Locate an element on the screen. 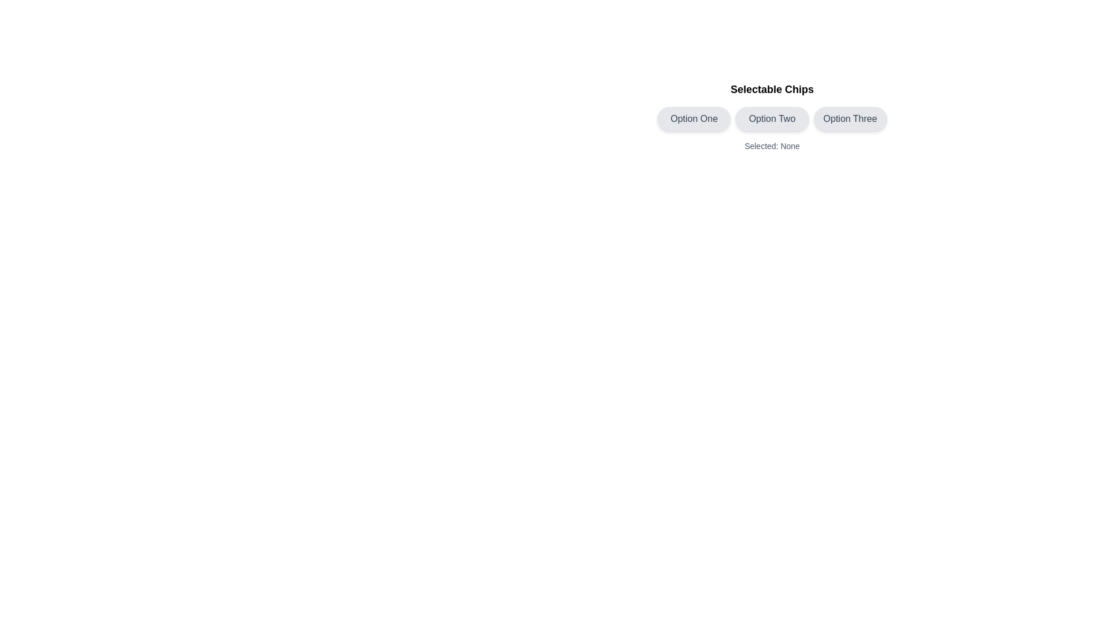  the Text Label that indicates the current selection state, showing 'Selected: None' initially, located beneath the options 'Option One,' 'Option Two,' and 'Option Three.' is located at coordinates (772, 146).